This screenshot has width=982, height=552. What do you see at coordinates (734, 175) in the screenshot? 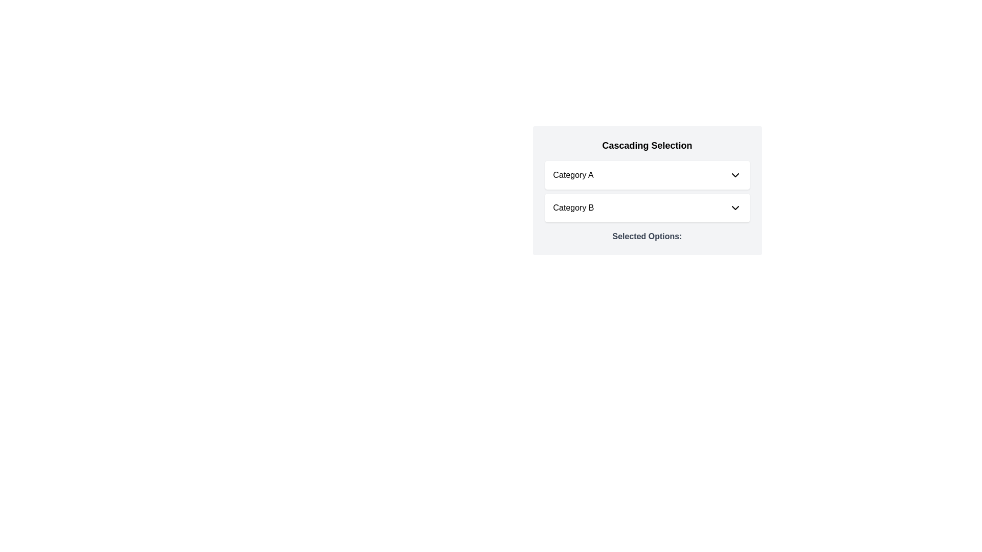
I see `the dropdown indicator icon (chevron)` at bounding box center [734, 175].